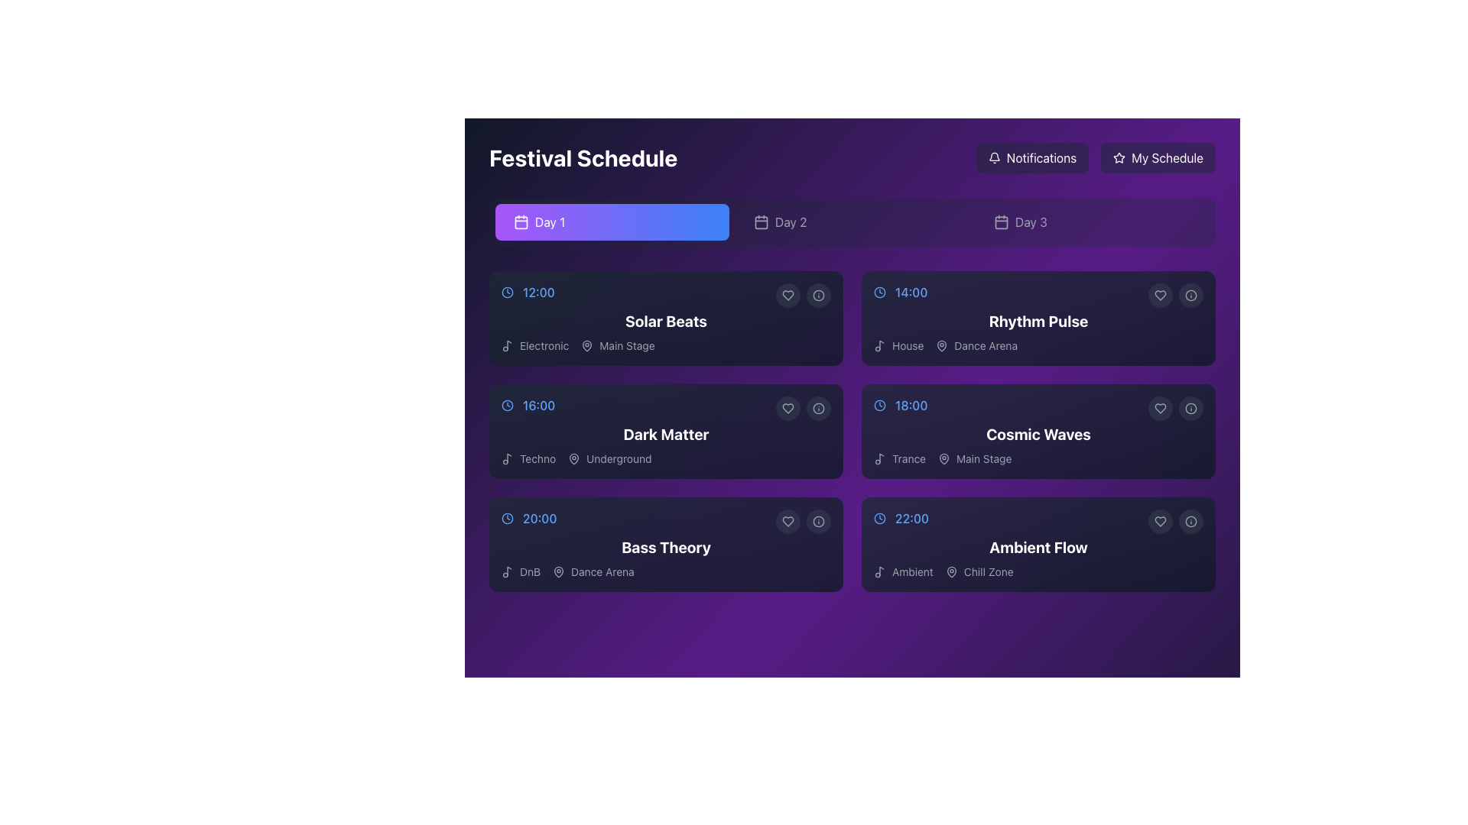 This screenshot has height=825, width=1468. What do you see at coordinates (538, 292) in the screenshot?
I see `time displayed on the text label indicating the start time of the 'Solar Beats' event, located in the top left corner of its card under 'Day 1' in the 'Festival Schedule' interface` at bounding box center [538, 292].